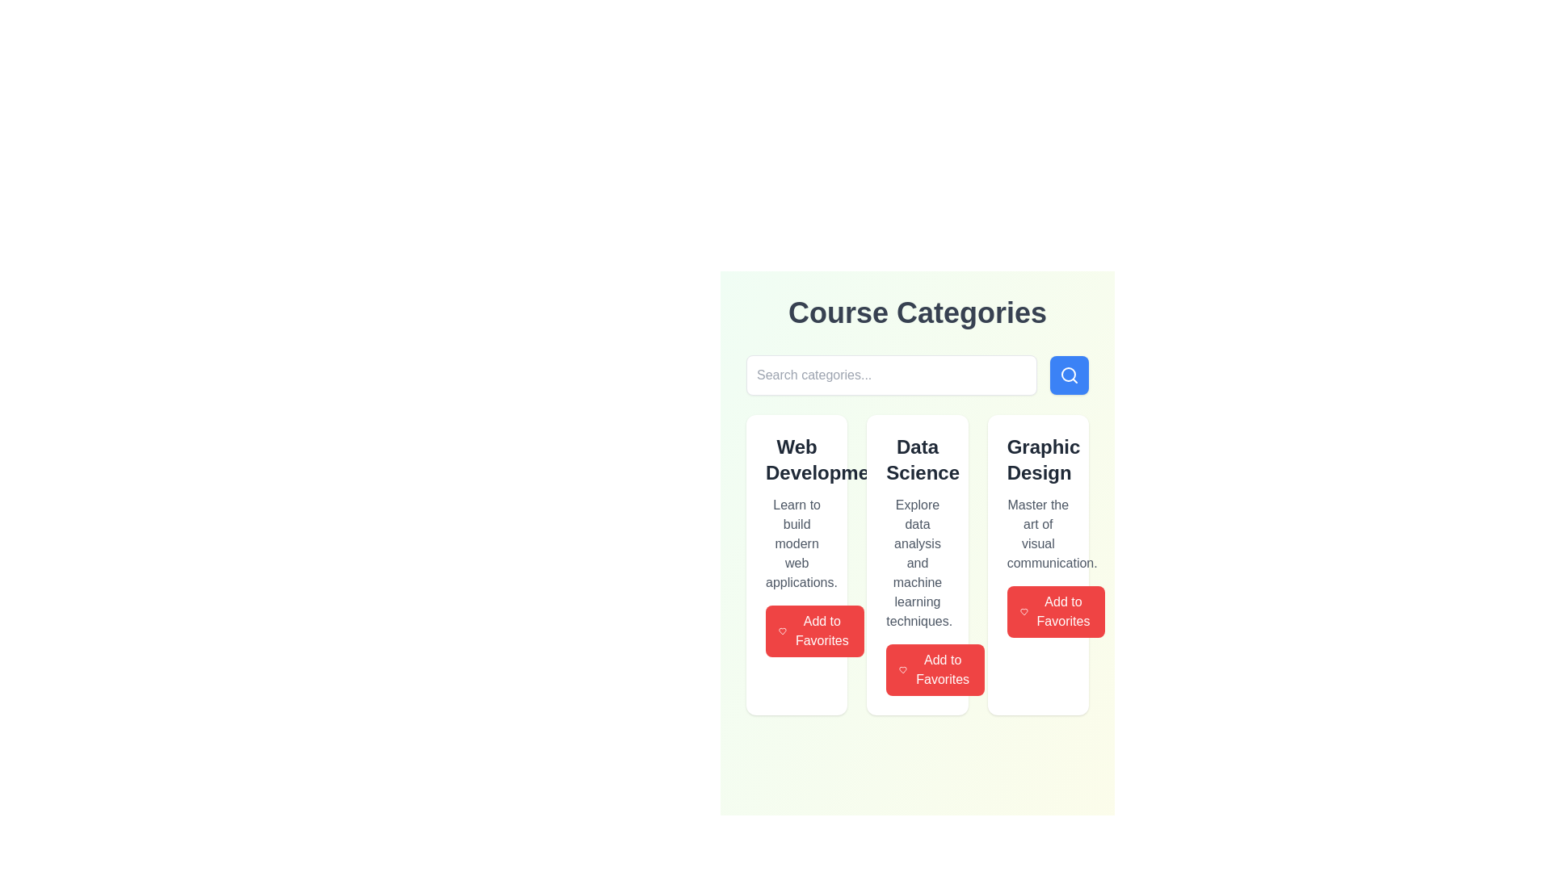 This screenshot has width=1551, height=872. Describe the element at coordinates (918, 563) in the screenshot. I see `description text located in the 'Data Science' card, which is the second card in the horizontal row of course categories, positioned beneath the 'Data Science' heading` at that location.